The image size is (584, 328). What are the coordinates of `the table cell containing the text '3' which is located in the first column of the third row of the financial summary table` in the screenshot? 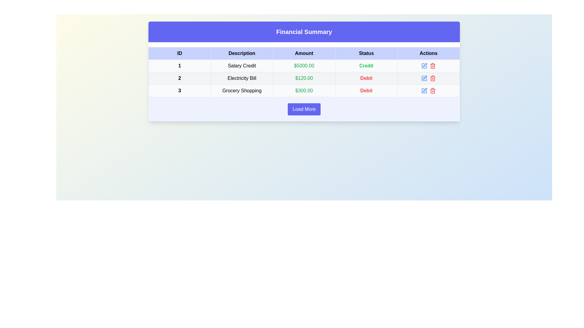 It's located at (179, 91).